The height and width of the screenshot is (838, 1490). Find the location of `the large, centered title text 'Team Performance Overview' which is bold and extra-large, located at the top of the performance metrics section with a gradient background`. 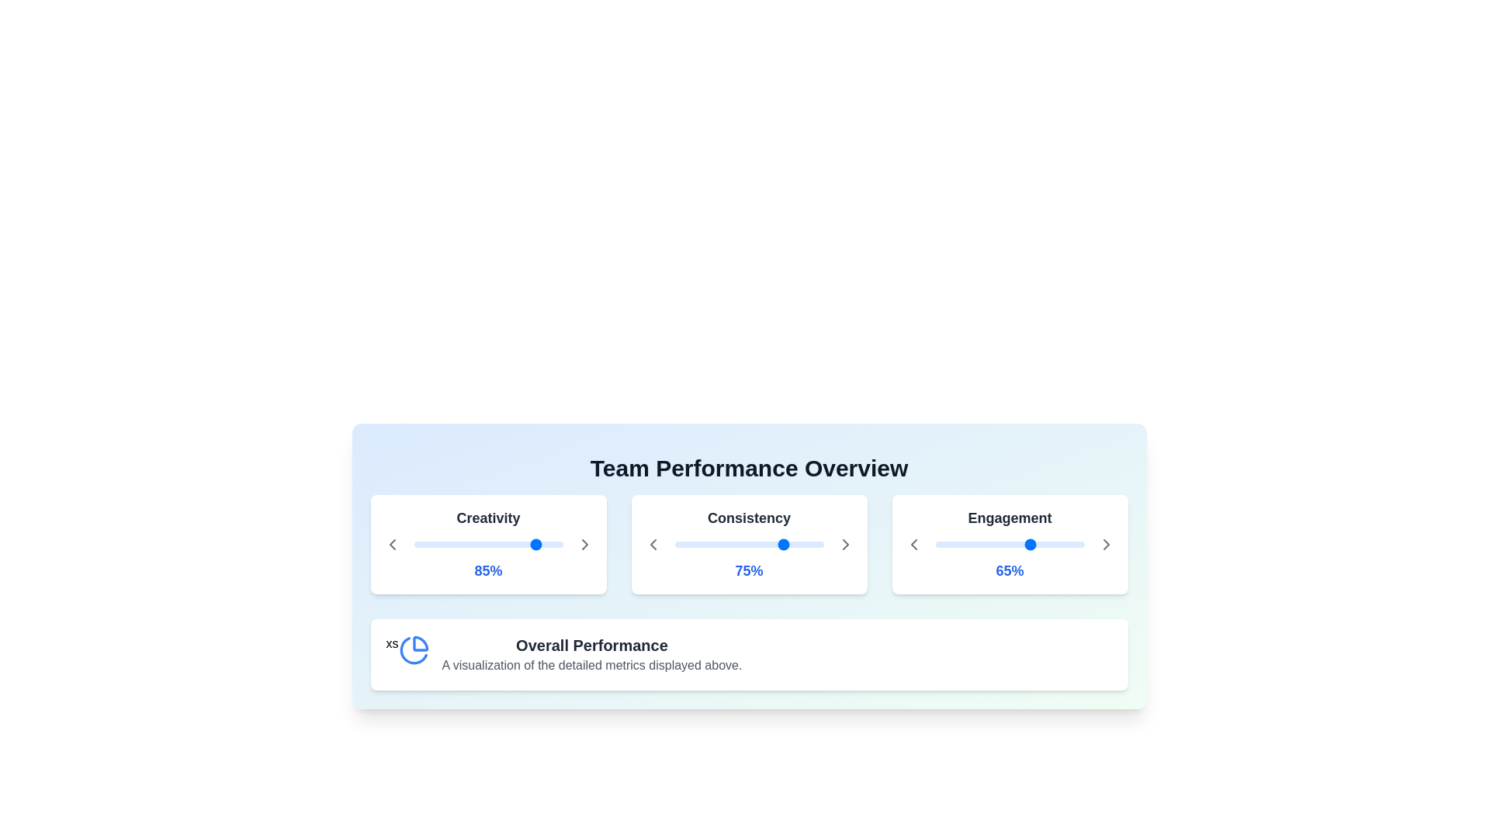

the large, centered title text 'Team Performance Overview' which is bold and extra-large, located at the top of the performance metrics section with a gradient background is located at coordinates (749, 468).